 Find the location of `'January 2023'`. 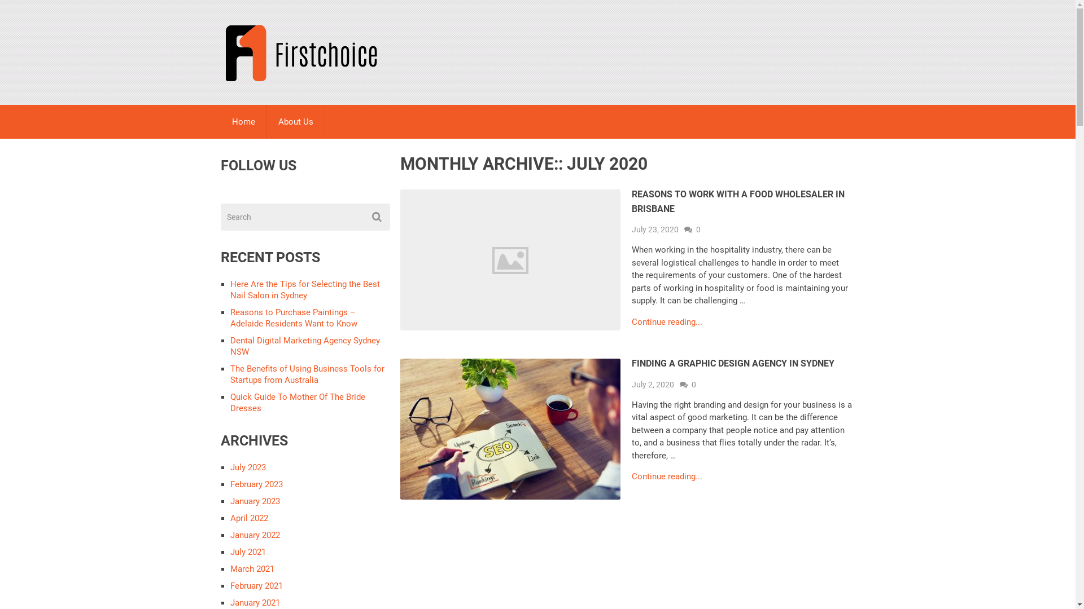

'January 2023' is located at coordinates (254, 500).